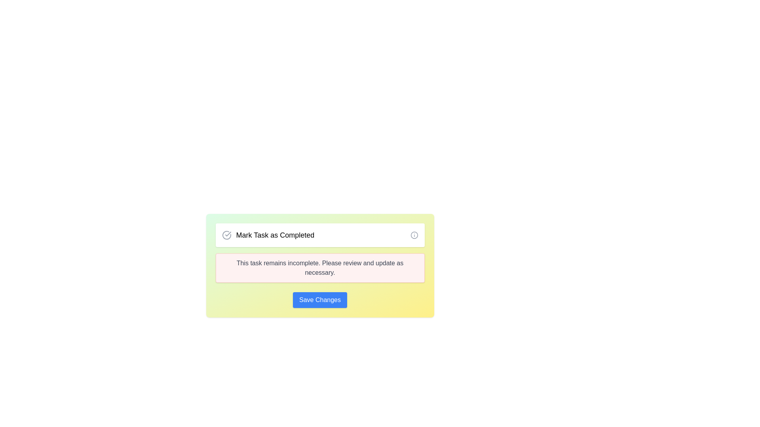  What do you see at coordinates (275, 234) in the screenshot?
I see `the static text label that reads 'Mark Task as Completed', which is aligned to the right of a circular checkmark icon on a pastel green background` at bounding box center [275, 234].